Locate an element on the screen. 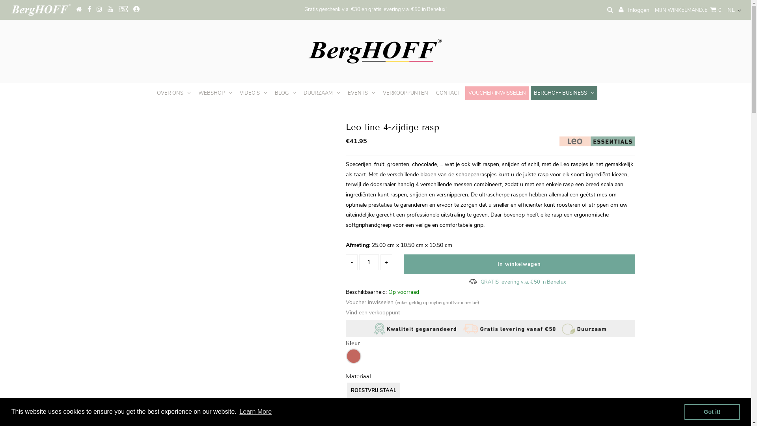 The image size is (757, 426). 'Got it!' is located at coordinates (712, 411).